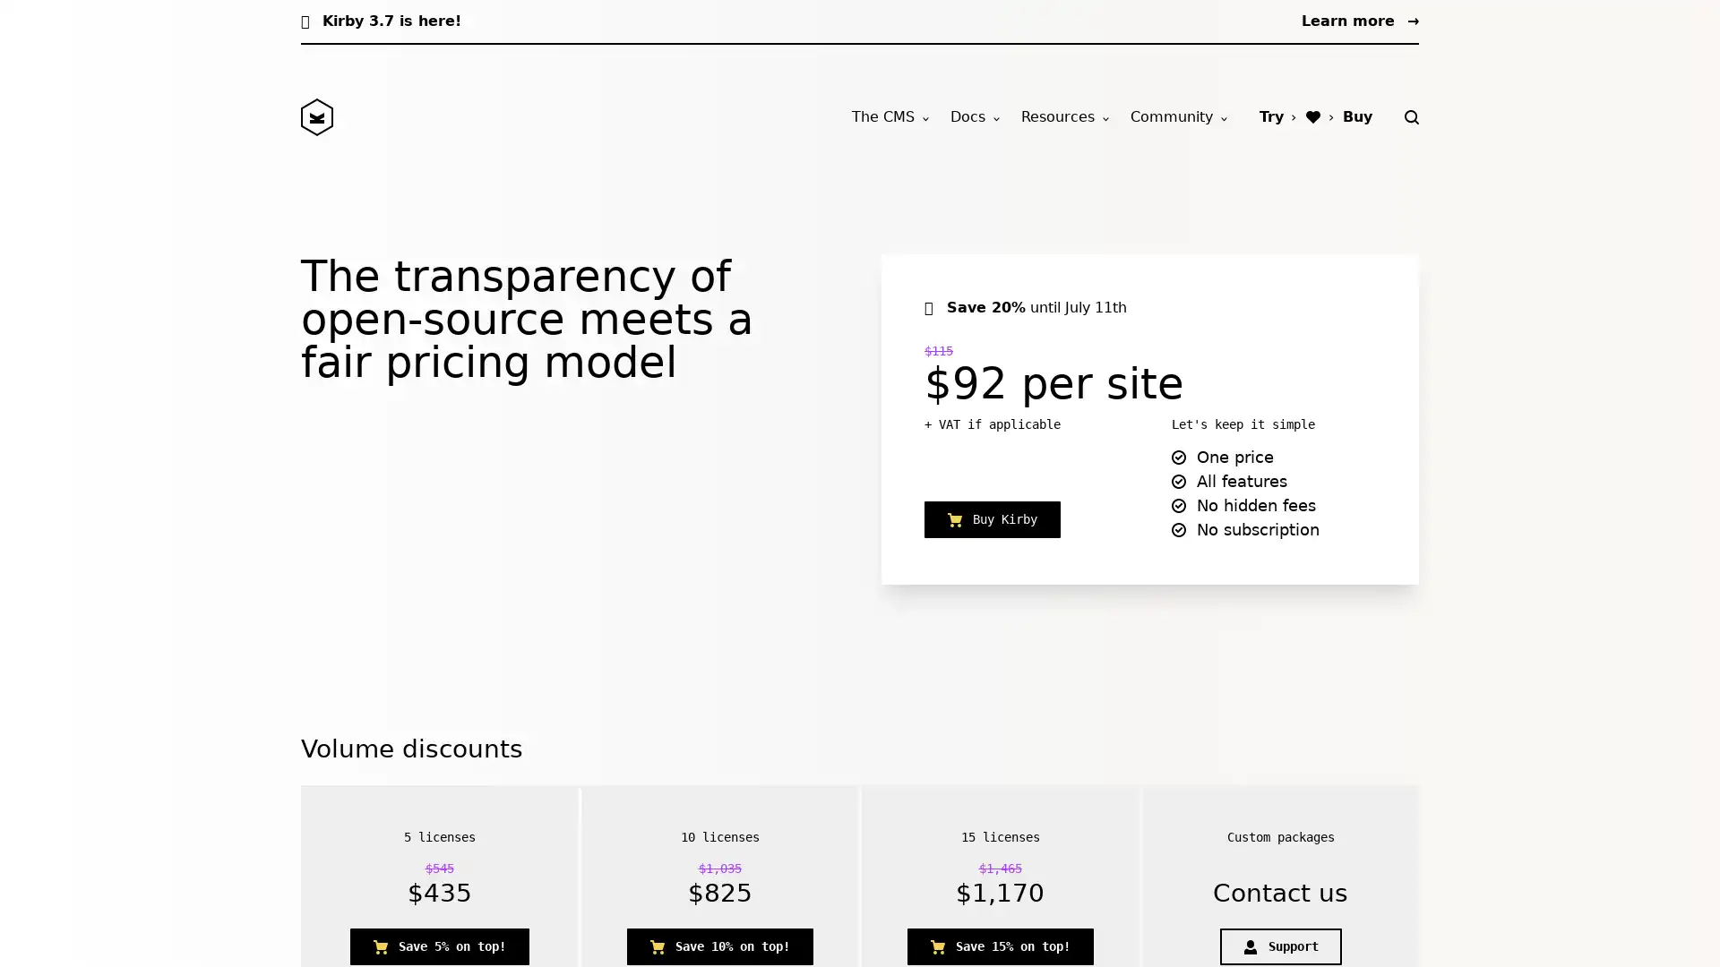 The image size is (1720, 967). I want to click on Search, so click(1410, 117).